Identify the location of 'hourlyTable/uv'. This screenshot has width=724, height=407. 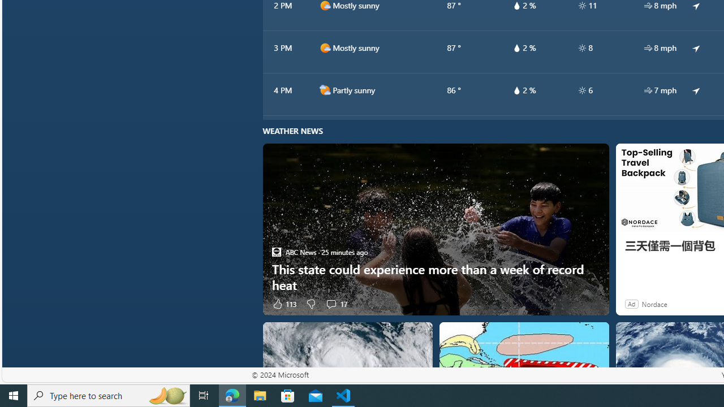
(582, 89).